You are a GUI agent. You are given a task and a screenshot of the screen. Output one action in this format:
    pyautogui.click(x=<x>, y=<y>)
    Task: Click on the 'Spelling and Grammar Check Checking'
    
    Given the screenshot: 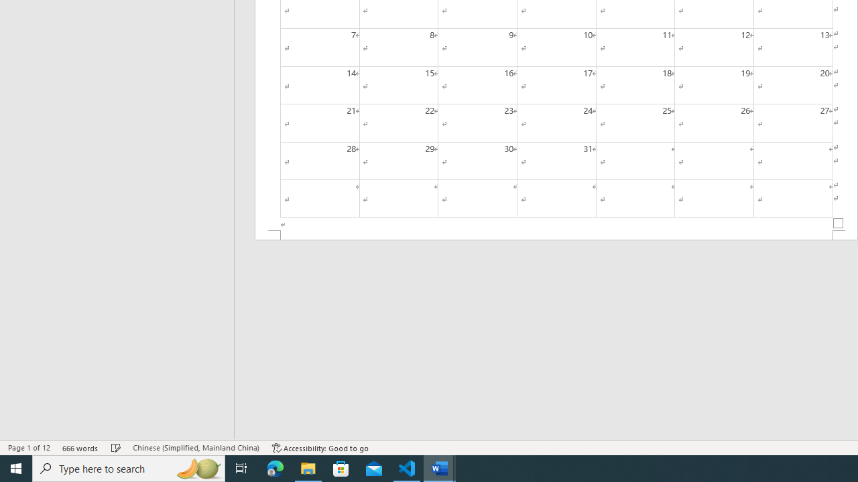 What is the action you would take?
    pyautogui.click(x=116, y=448)
    